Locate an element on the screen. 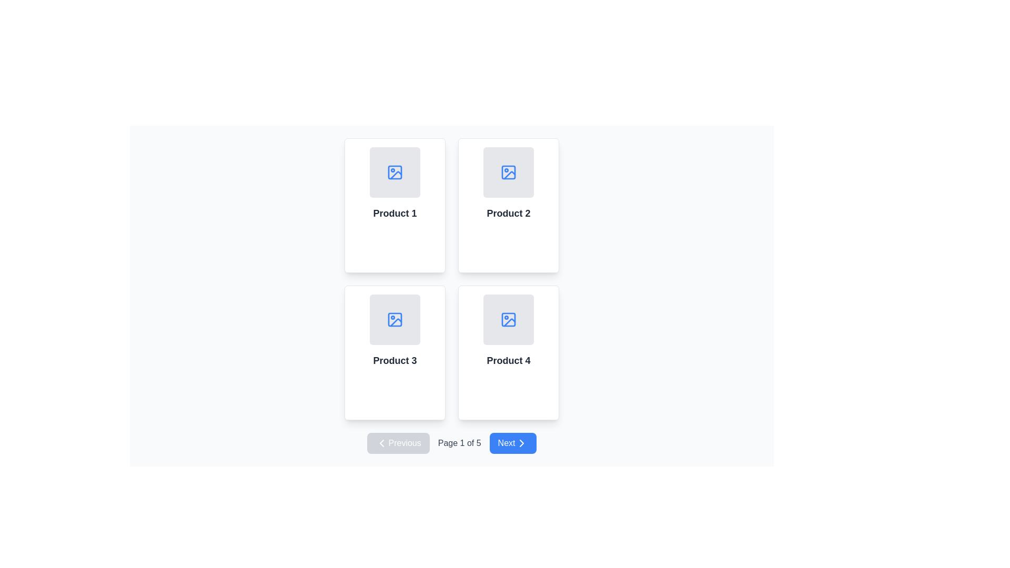 This screenshot has height=568, width=1010. the right-pointing arrow icon within the 'Next' button is located at coordinates (521, 443).